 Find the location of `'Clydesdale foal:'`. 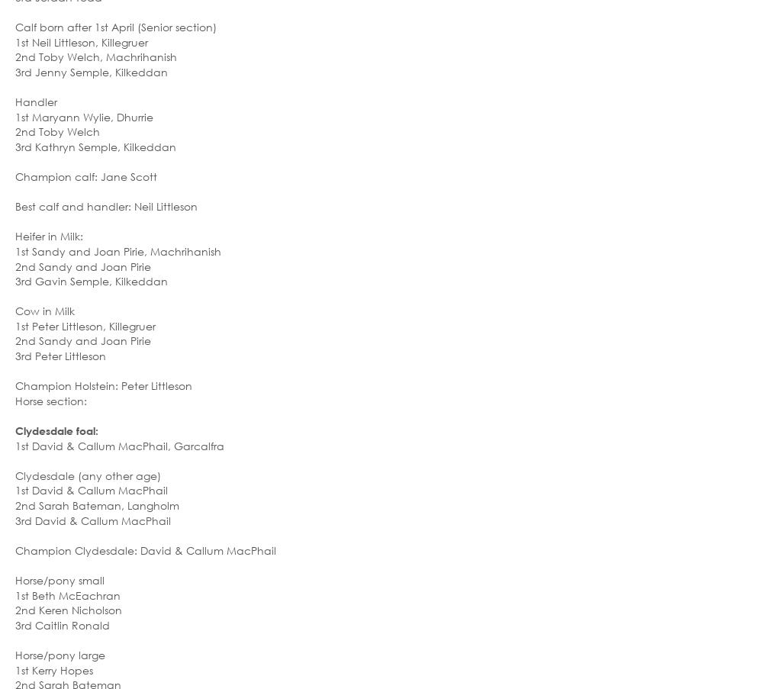

'Clydesdale foal:' is located at coordinates (56, 430).